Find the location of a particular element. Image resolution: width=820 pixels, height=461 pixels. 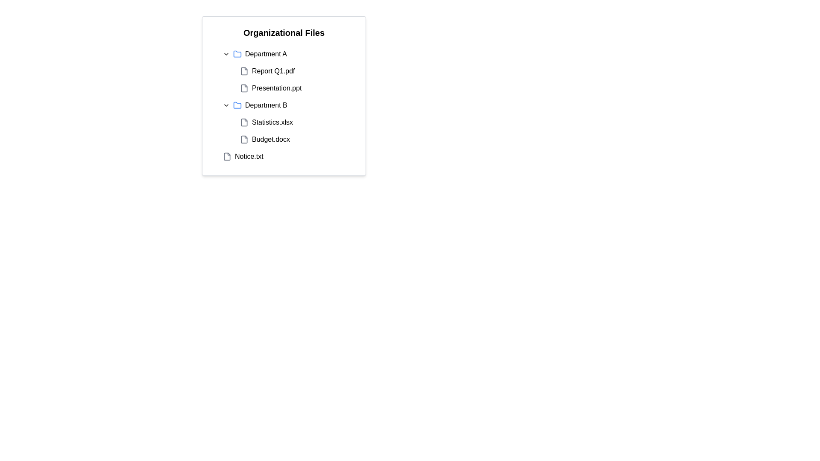

the file type icon representing 'Presentation.ppt' is located at coordinates (243, 88).